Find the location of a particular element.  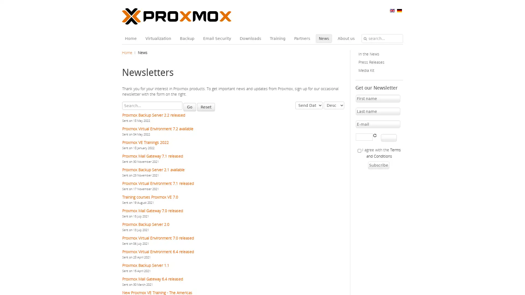

Reset is located at coordinates (206, 107).